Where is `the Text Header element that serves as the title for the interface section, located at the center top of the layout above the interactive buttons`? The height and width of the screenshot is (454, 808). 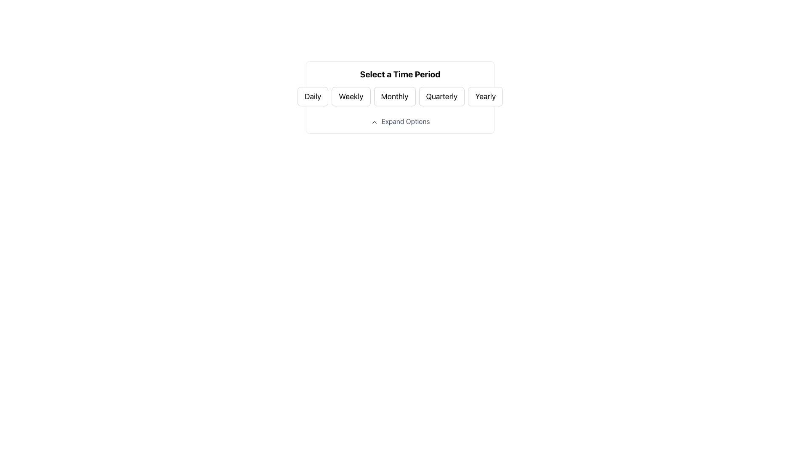 the Text Header element that serves as the title for the interface section, located at the center top of the layout above the interactive buttons is located at coordinates (399, 74).